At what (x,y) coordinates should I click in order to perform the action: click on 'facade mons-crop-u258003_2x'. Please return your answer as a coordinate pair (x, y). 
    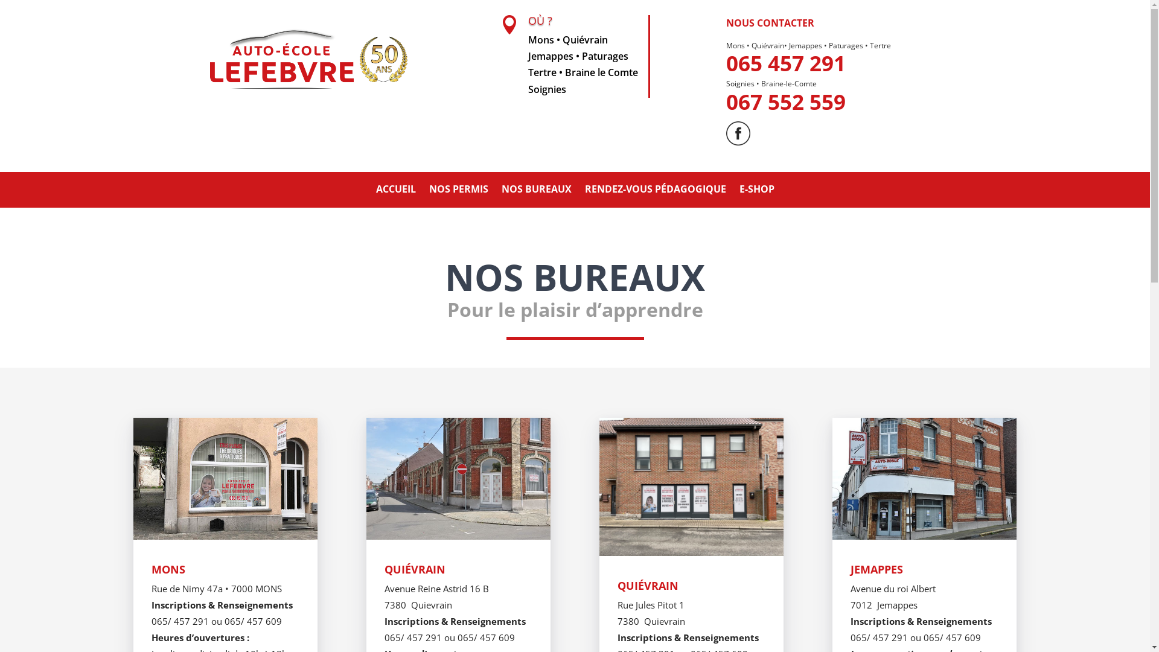
    Looking at the image, I should click on (225, 478).